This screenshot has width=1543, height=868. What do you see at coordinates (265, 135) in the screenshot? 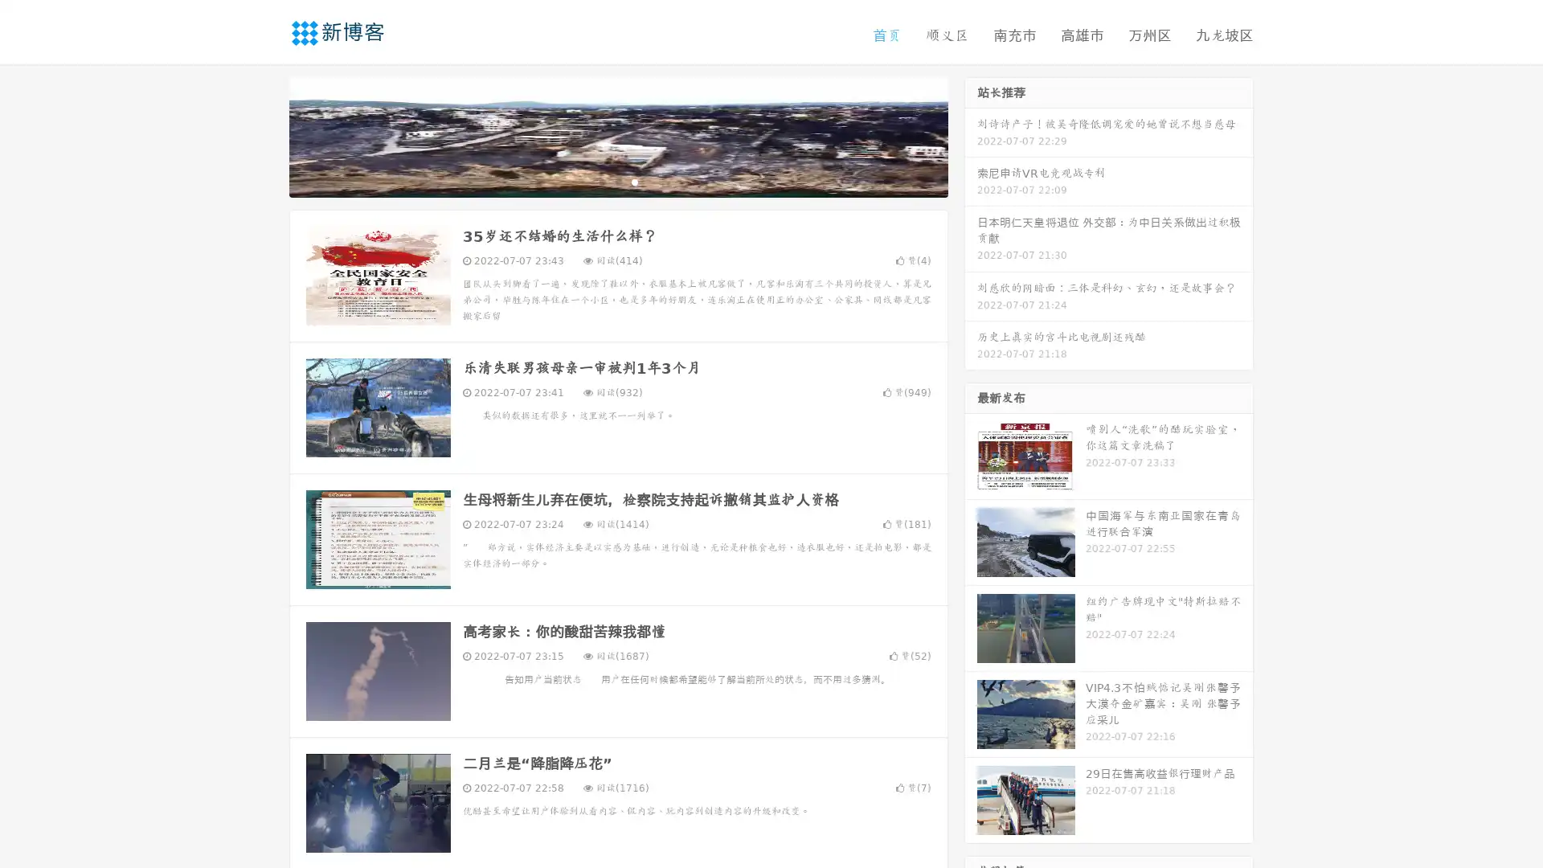
I see `Previous slide` at bounding box center [265, 135].